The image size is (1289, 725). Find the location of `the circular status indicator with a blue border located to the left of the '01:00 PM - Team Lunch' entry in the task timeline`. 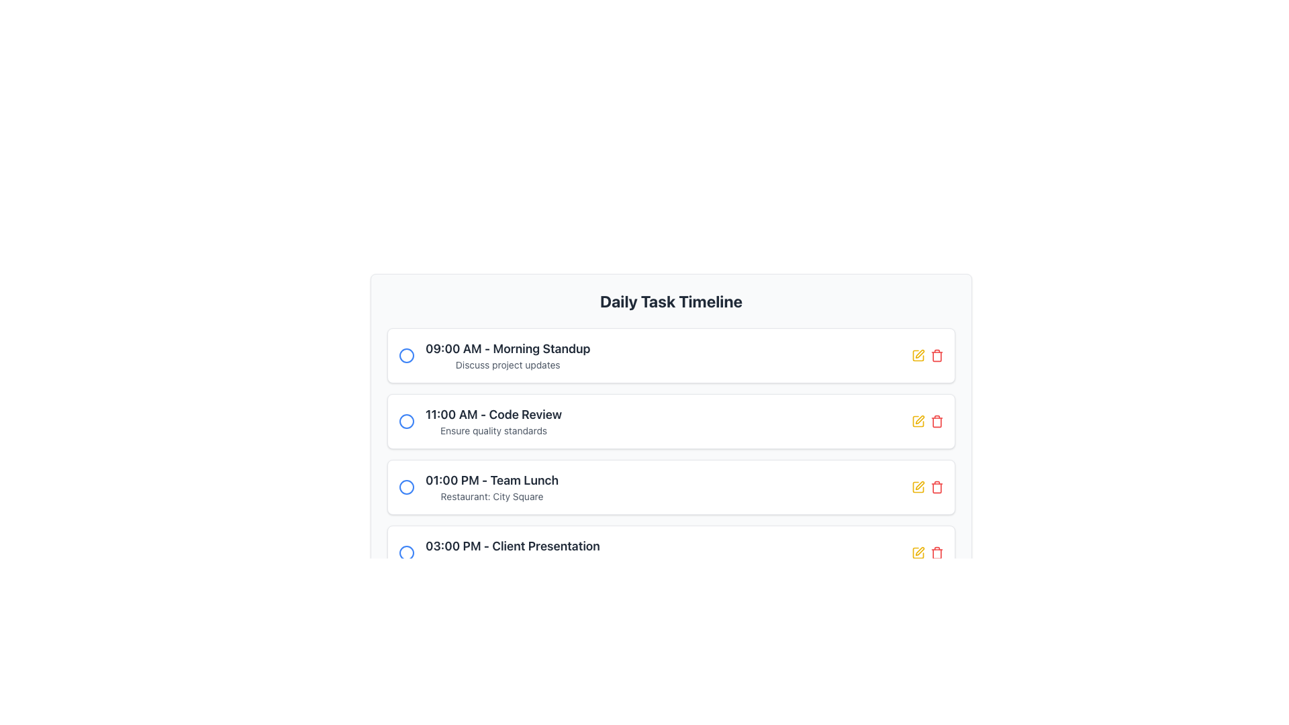

the circular status indicator with a blue border located to the left of the '01:00 PM - Team Lunch' entry in the task timeline is located at coordinates (405, 487).